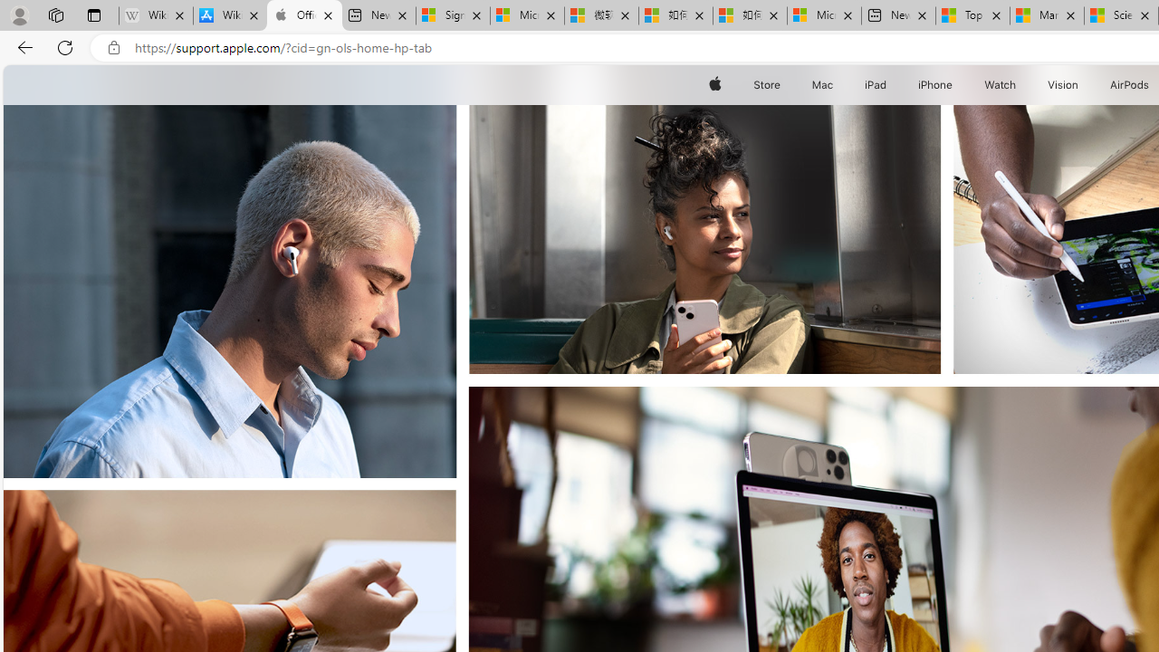 The height and width of the screenshot is (652, 1159). What do you see at coordinates (714, 84) in the screenshot?
I see `'Apple'` at bounding box center [714, 84].